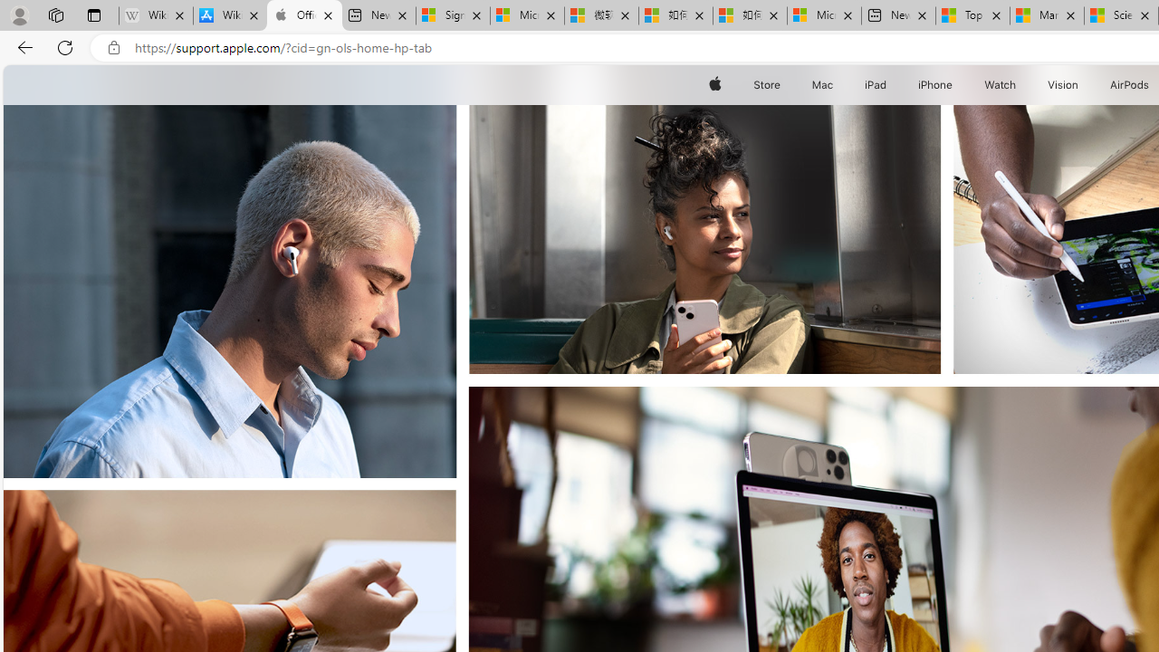 The height and width of the screenshot is (652, 1159). What do you see at coordinates (714, 84) in the screenshot?
I see `'Apple'` at bounding box center [714, 84].